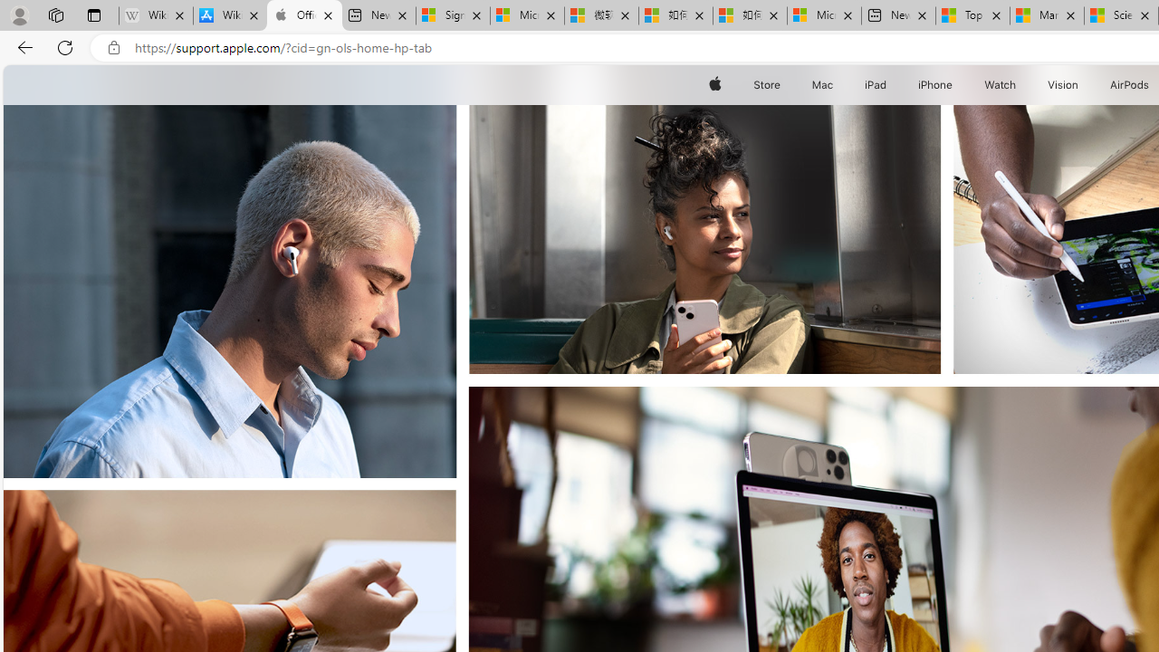 The height and width of the screenshot is (652, 1159). What do you see at coordinates (714, 84) in the screenshot?
I see `'Apple'` at bounding box center [714, 84].